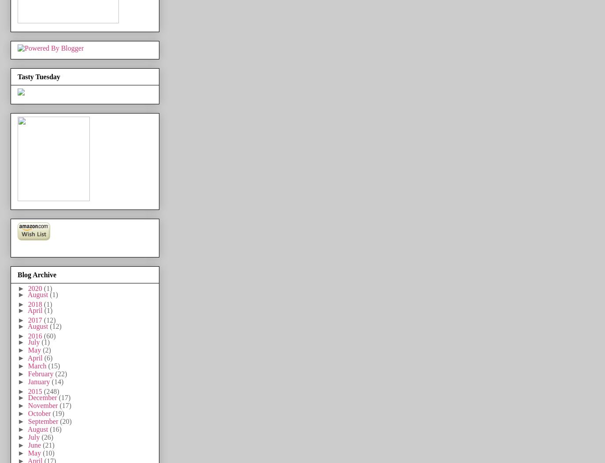 This screenshot has height=463, width=605. I want to click on 'February', so click(41, 373).